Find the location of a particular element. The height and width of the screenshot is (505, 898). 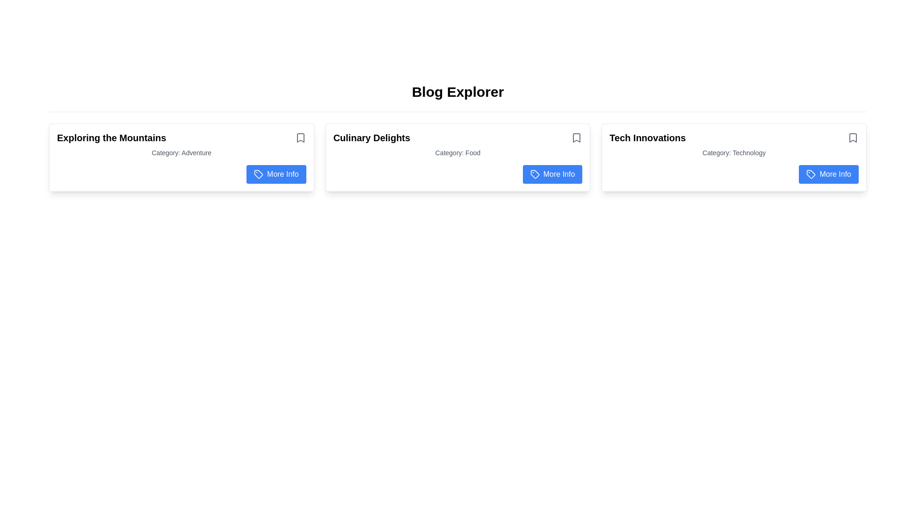

the small tag icon located within the 'More Info' button, which has a blue background and white text, positioned at the bottom-right corner of the 'Exploring the Mountains' card is located at coordinates (259, 174).